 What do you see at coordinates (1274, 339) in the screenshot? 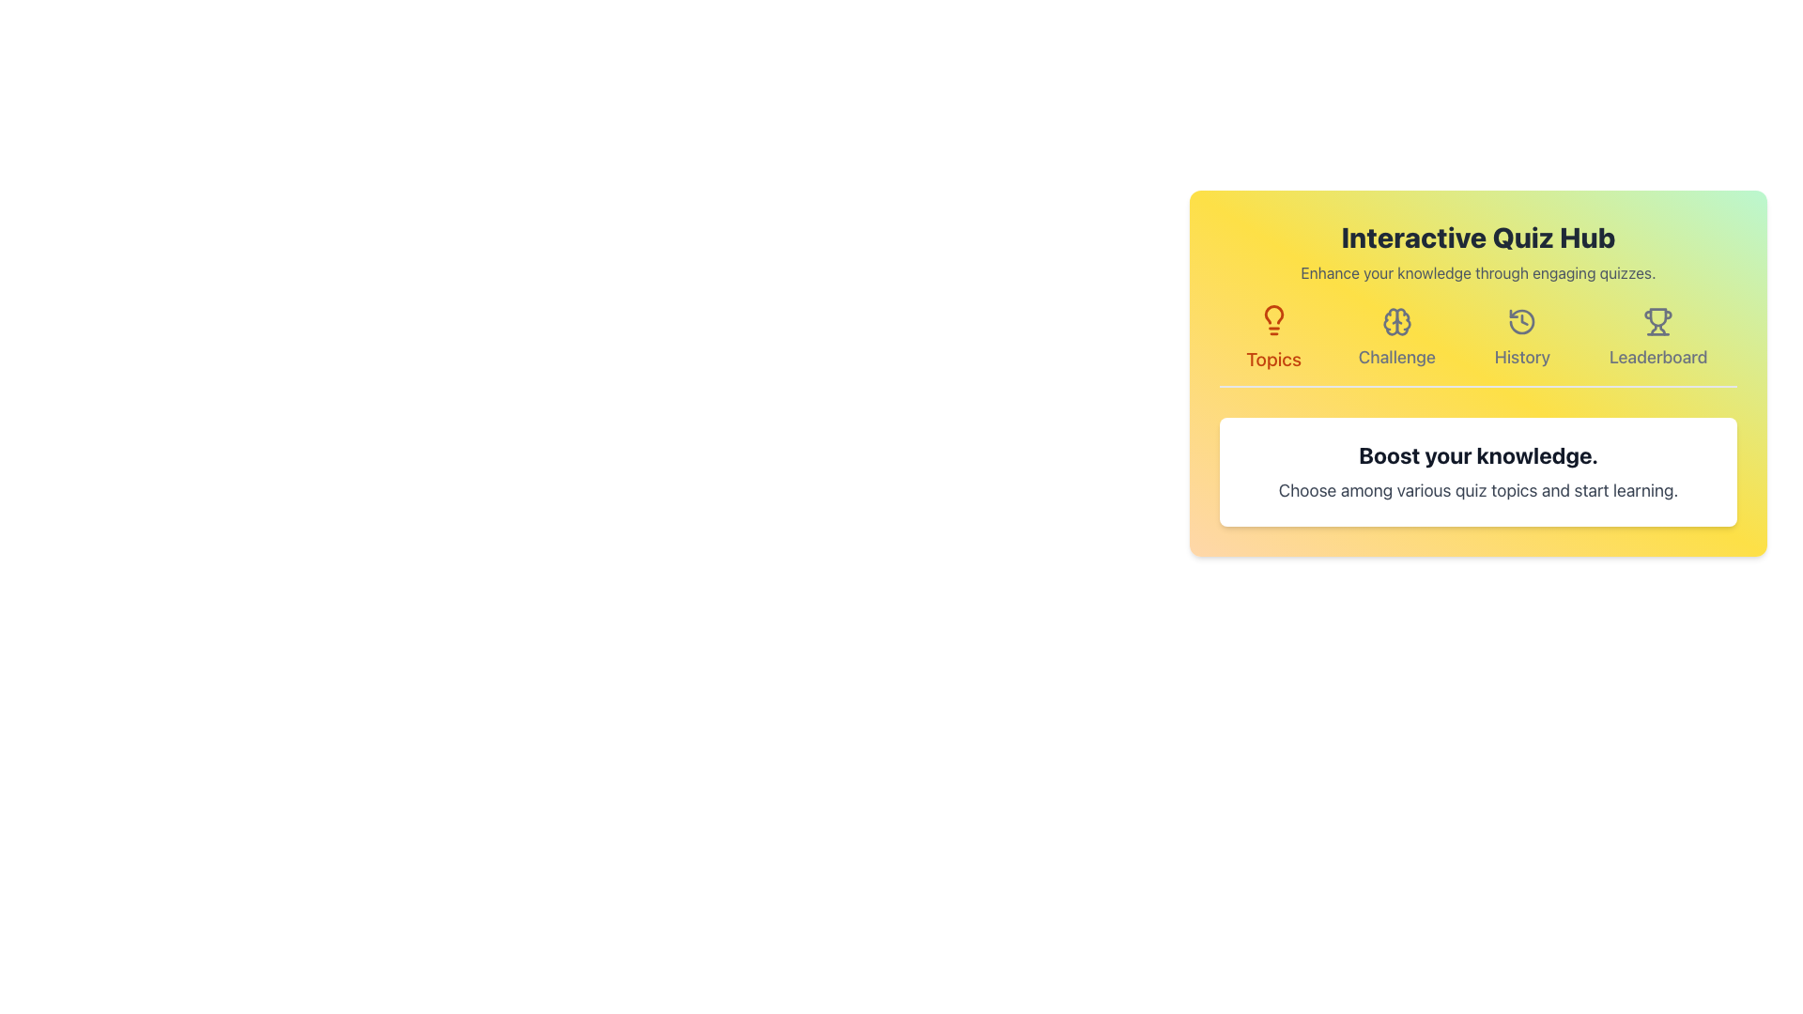
I see `the button with a lightbulb icon and 'Topics' text, located at the upper section of the card-like interface, to interact with it` at bounding box center [1274, 339].